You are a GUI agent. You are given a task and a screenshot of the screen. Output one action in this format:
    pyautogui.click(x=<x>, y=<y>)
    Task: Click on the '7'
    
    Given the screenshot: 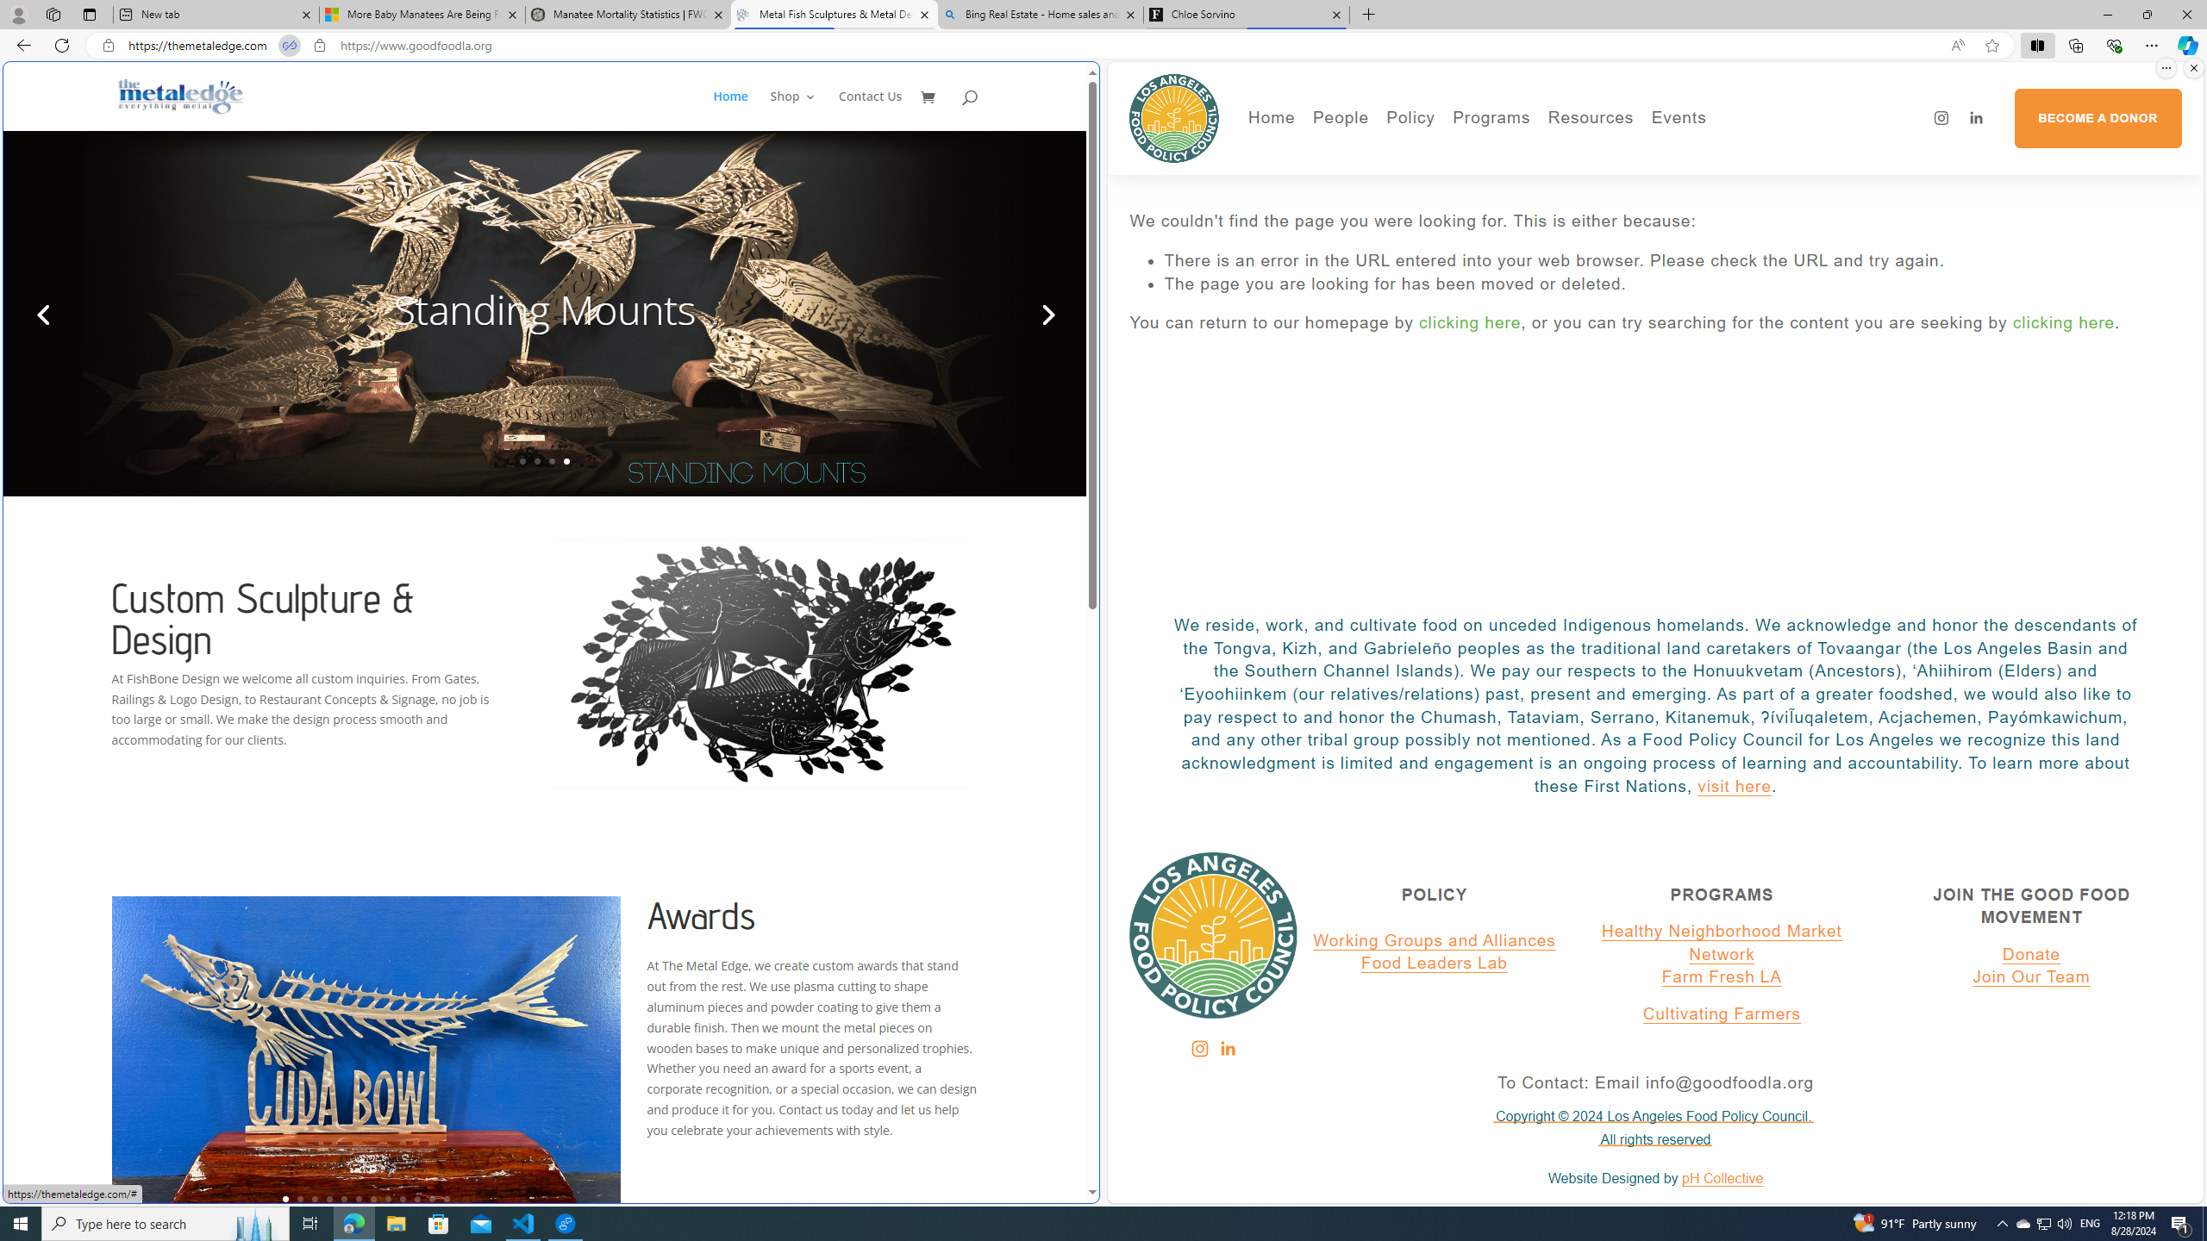 What is the action you would take?
    pyautogui.click(x=372, y=1198)
    